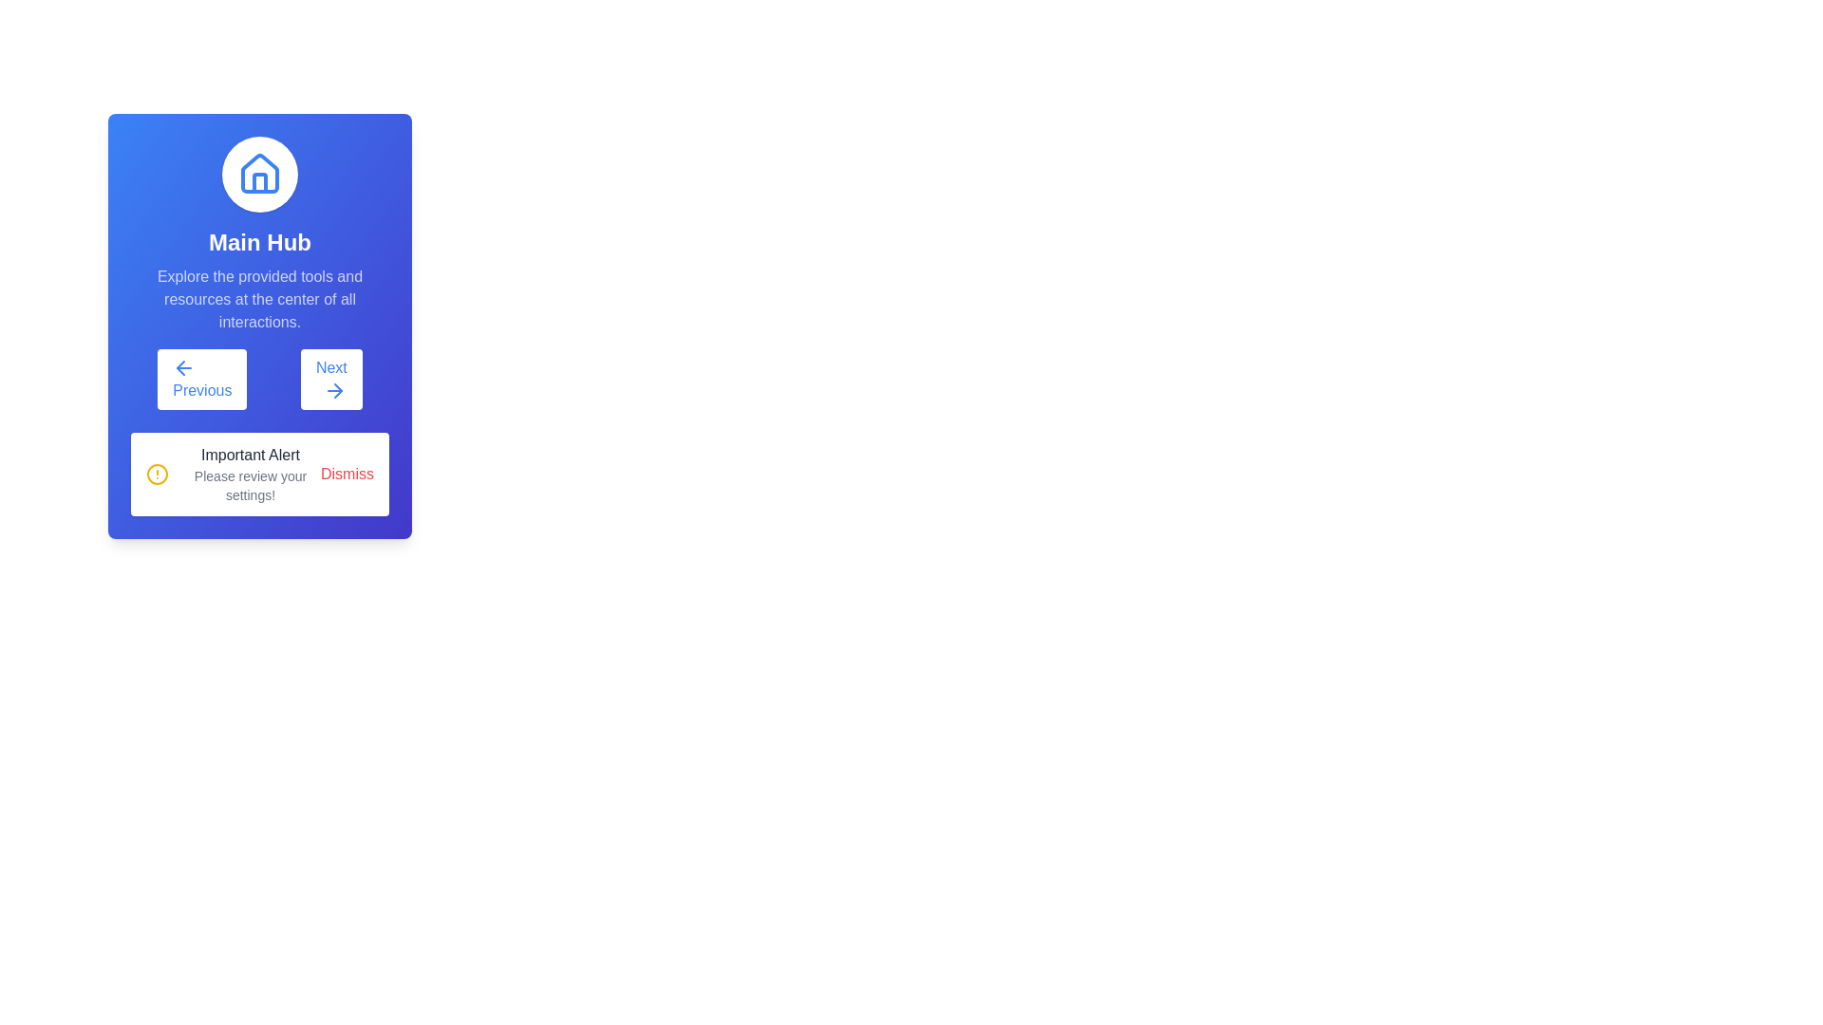  Describe the element at coordinates (250, 455) in the screenshot. I see `the Text Label that serves as an alert title, positioned above the alert message 'Please review your settings!'` at that location.